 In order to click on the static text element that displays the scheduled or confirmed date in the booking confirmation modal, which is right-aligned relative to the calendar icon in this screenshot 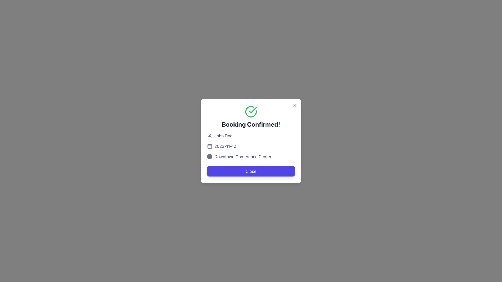, I will do `click(225, 146)`.